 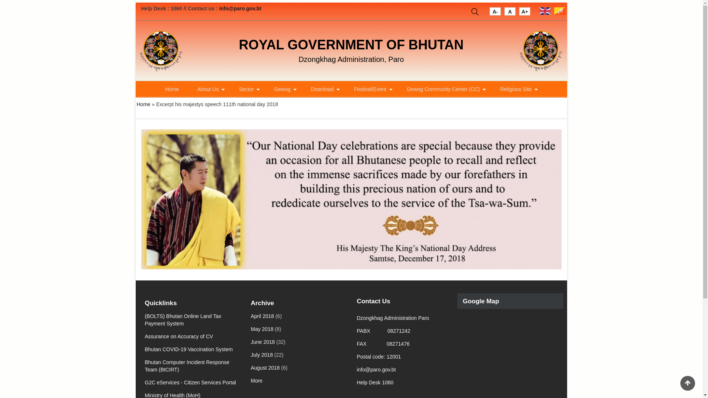 What do you see at coordinates (208, 89) in the screenshot?
I see `'About Us'` at bounding box center [208, 89].